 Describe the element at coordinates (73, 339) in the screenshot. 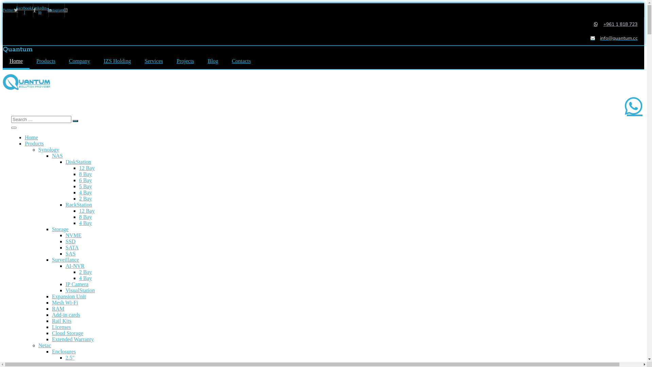

I see `'Extended Warranty'` at that location.